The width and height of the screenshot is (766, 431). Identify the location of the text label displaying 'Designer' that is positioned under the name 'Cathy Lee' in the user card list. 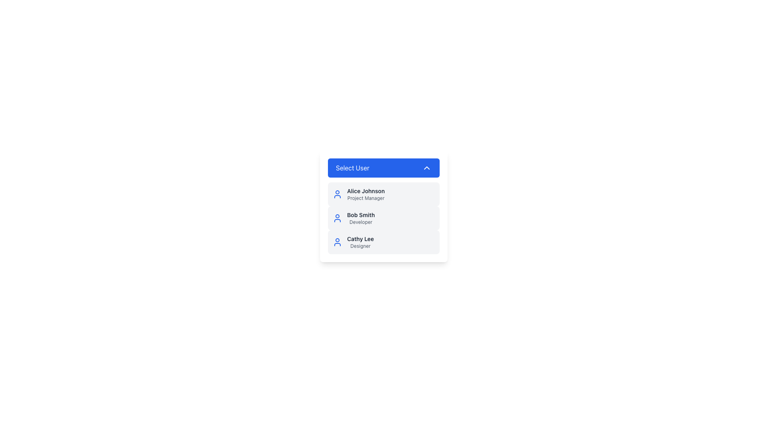
(360, 246).